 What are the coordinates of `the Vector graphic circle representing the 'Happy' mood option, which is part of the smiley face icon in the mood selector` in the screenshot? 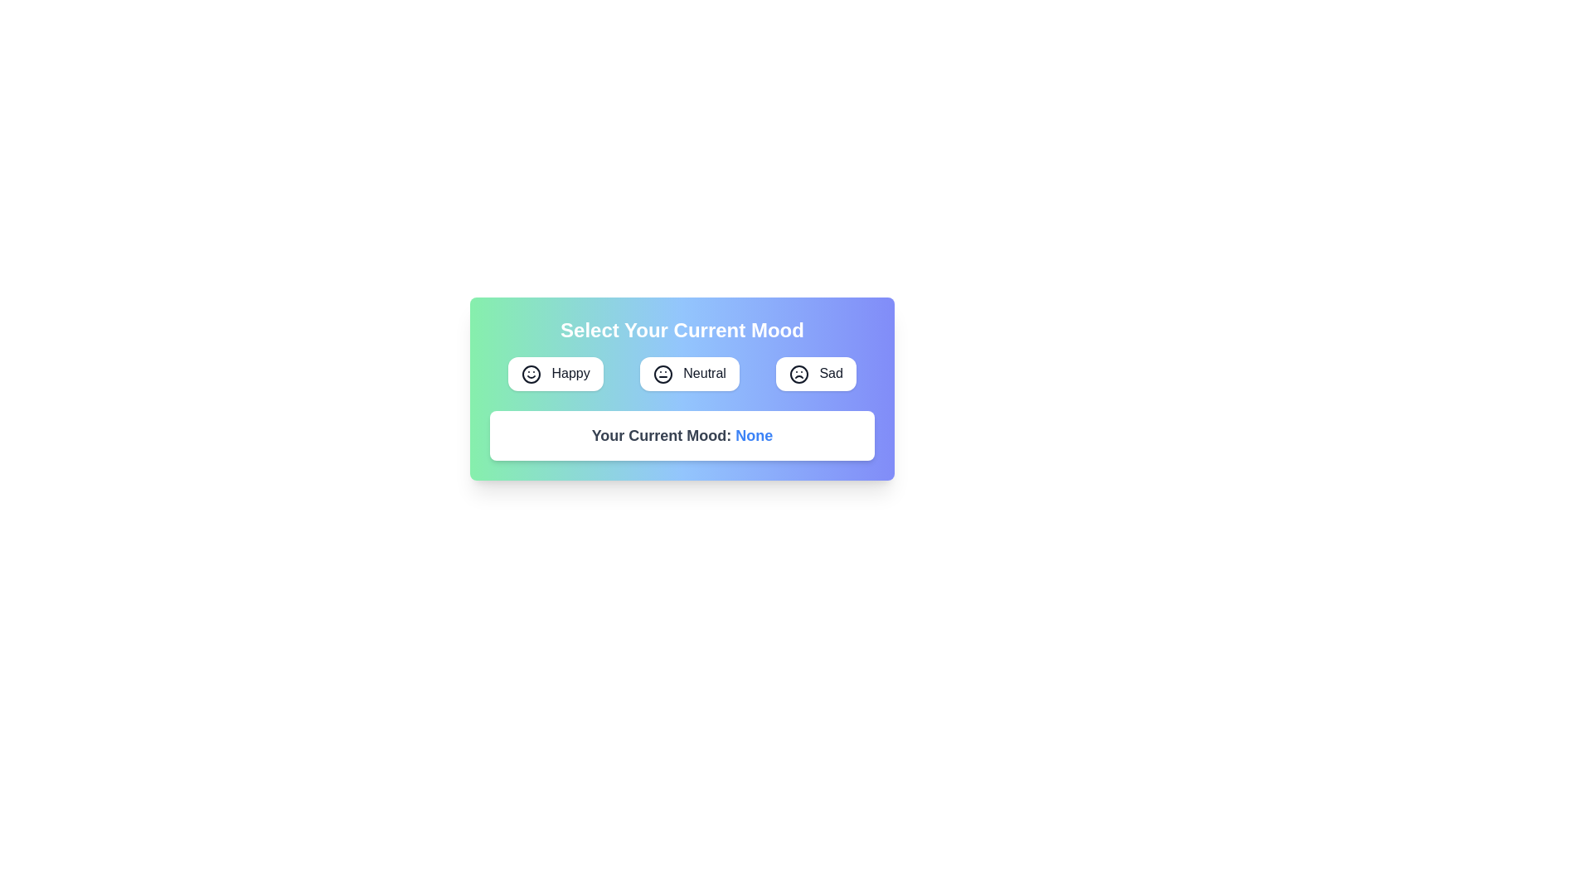 It's located at (531, 374).